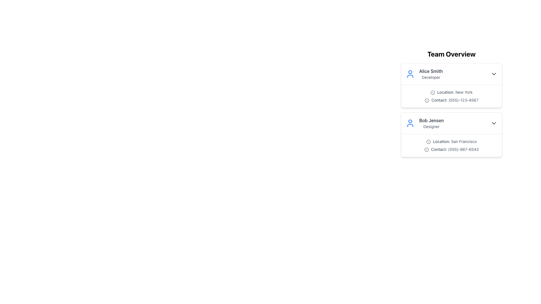  Describe the element at coordinates (428, 142) in the screenshot. I see `the circular border of the information icon indicating additional details about the location for user 'Bob Jensen', located below the 'Team Overview' heading and to the left of the 'Location: San Francisco' text` at that location.